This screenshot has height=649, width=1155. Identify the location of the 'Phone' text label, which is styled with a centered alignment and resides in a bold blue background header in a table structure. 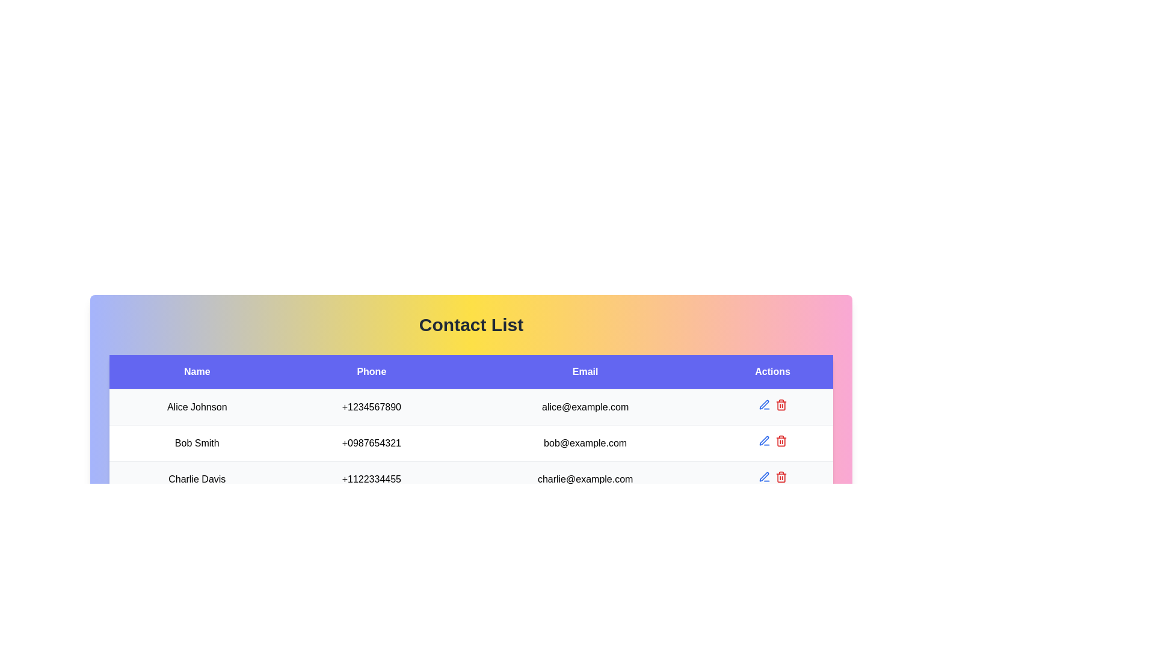
(371, 371).